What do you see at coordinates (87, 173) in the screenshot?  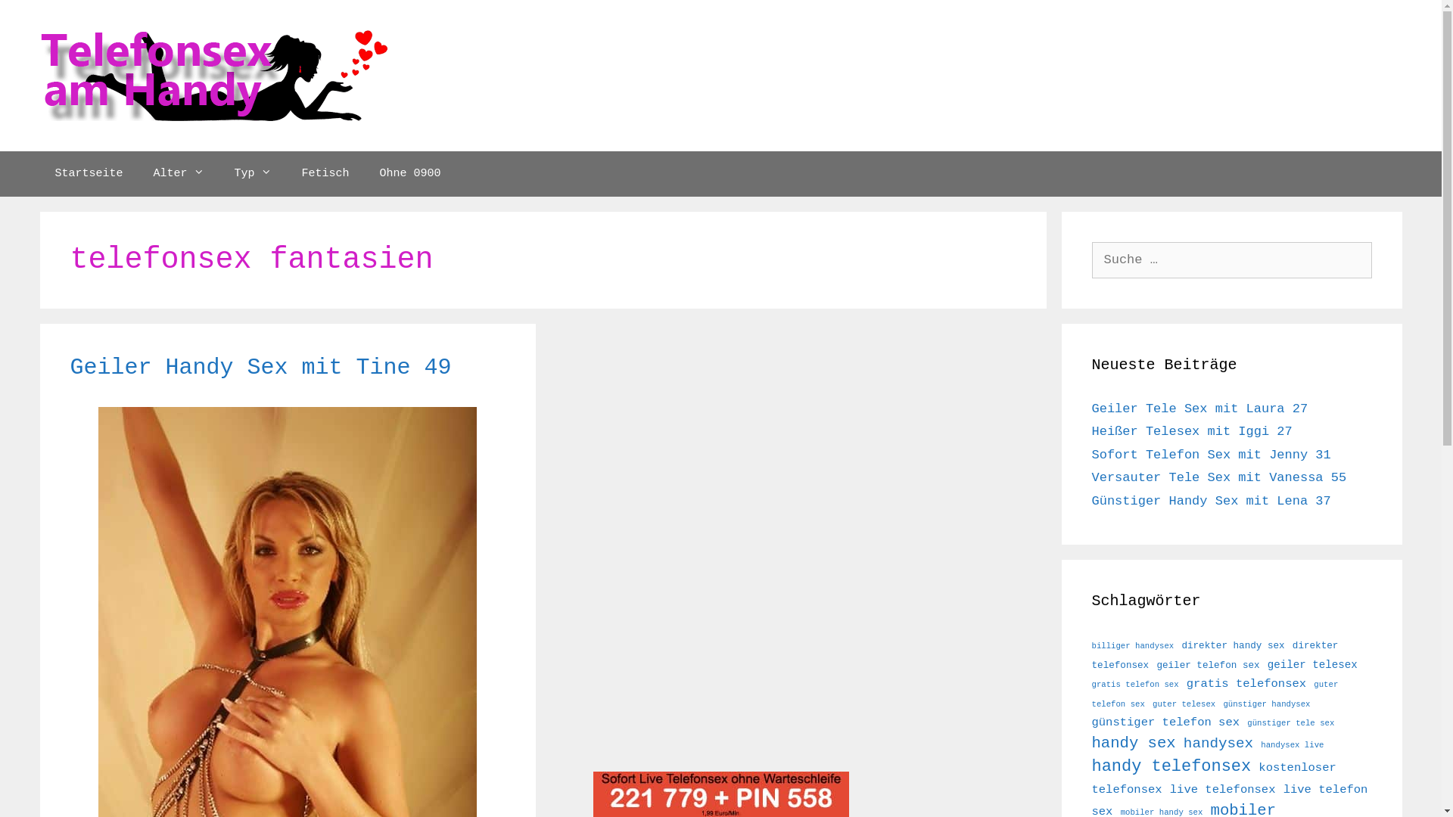 I see `'Startseite'` at bounding box center [87, 173].